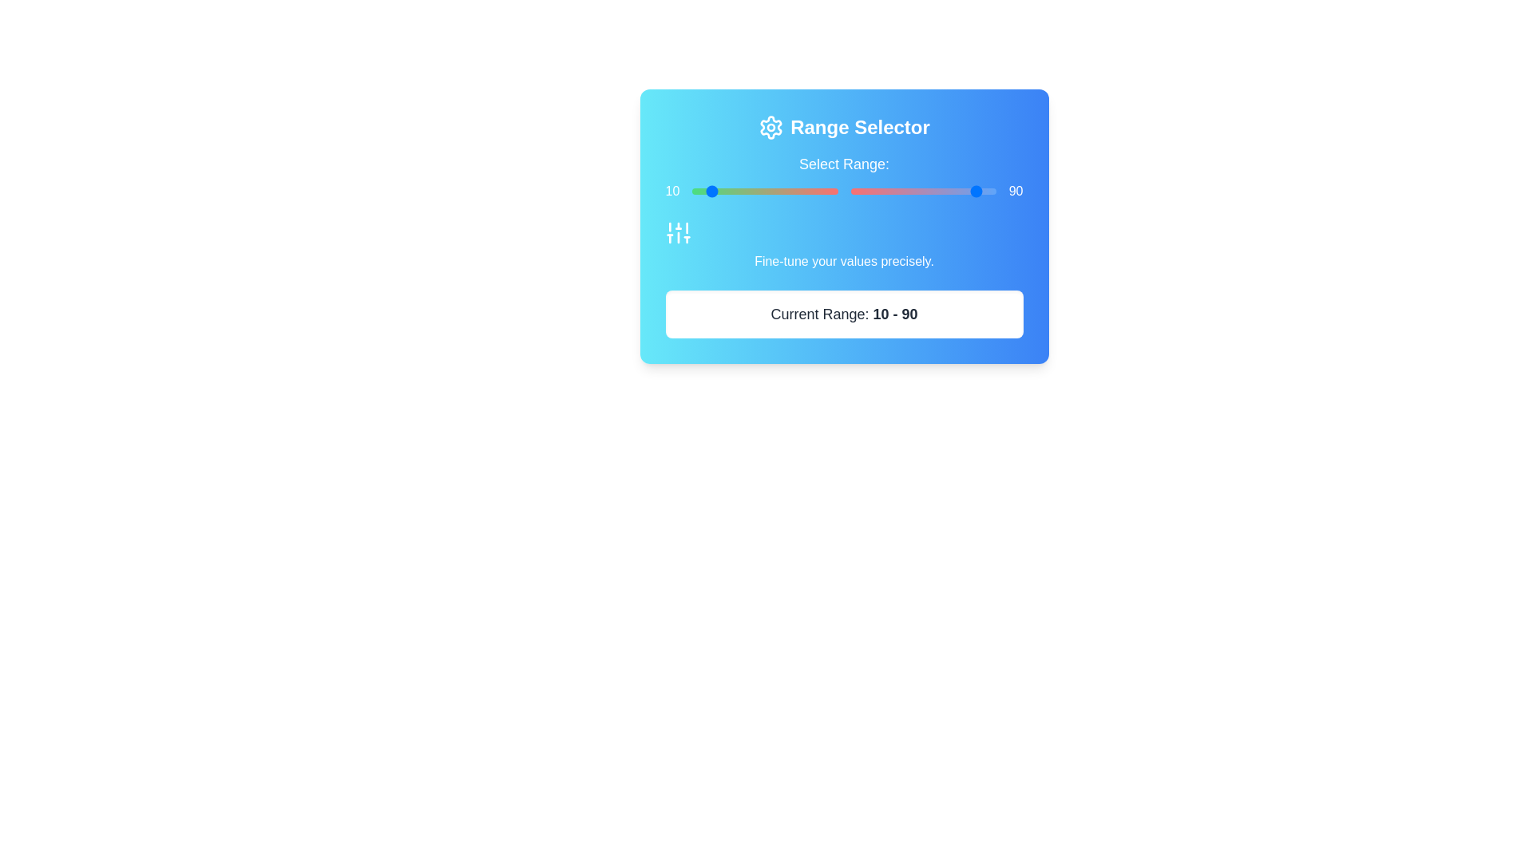 This screenshot has width=1533, height=862. Describe the element at coordinates (953, 190) in the screenshot. I see `the slider to set the value to 86` at that location.